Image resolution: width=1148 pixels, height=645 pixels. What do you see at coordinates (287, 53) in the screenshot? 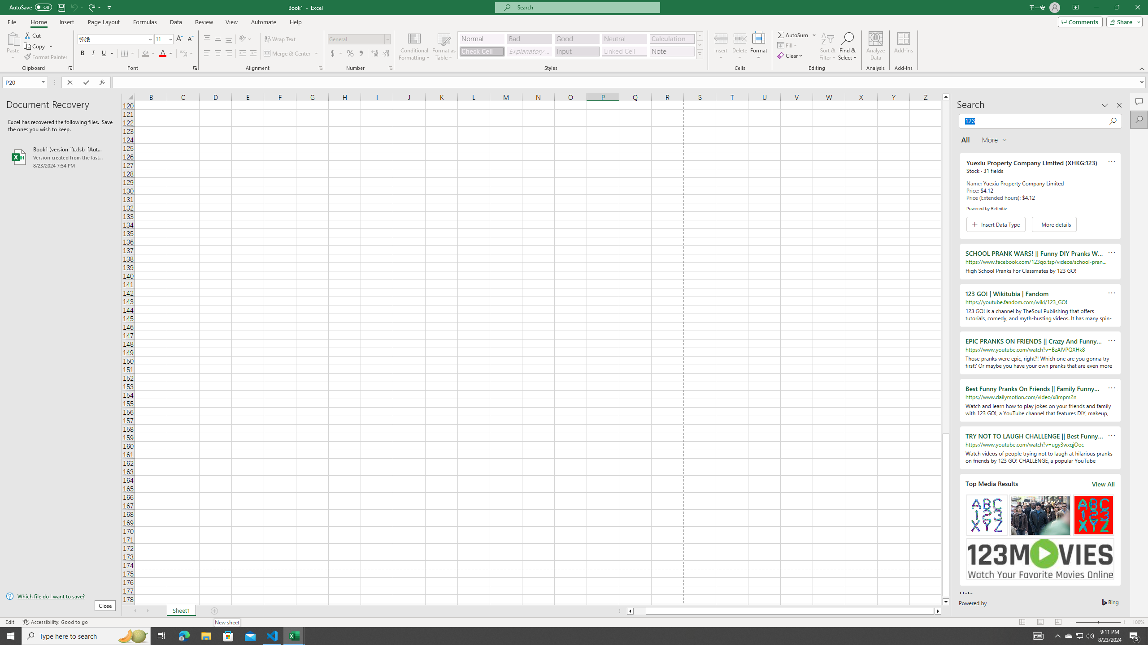
I see `'Merge & Center'` at bounding box center [287, 53].